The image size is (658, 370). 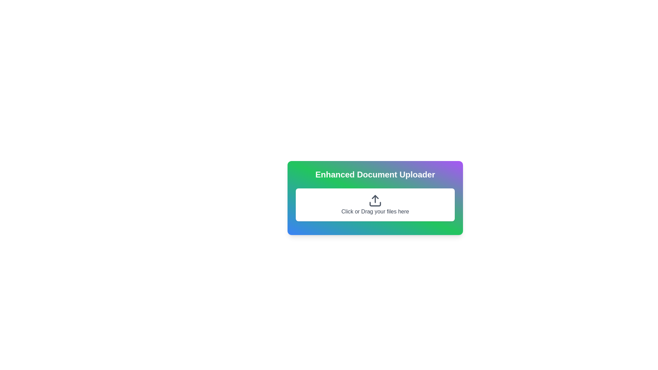 I want to click on the interactive upload area, so click(x=375, y=198).